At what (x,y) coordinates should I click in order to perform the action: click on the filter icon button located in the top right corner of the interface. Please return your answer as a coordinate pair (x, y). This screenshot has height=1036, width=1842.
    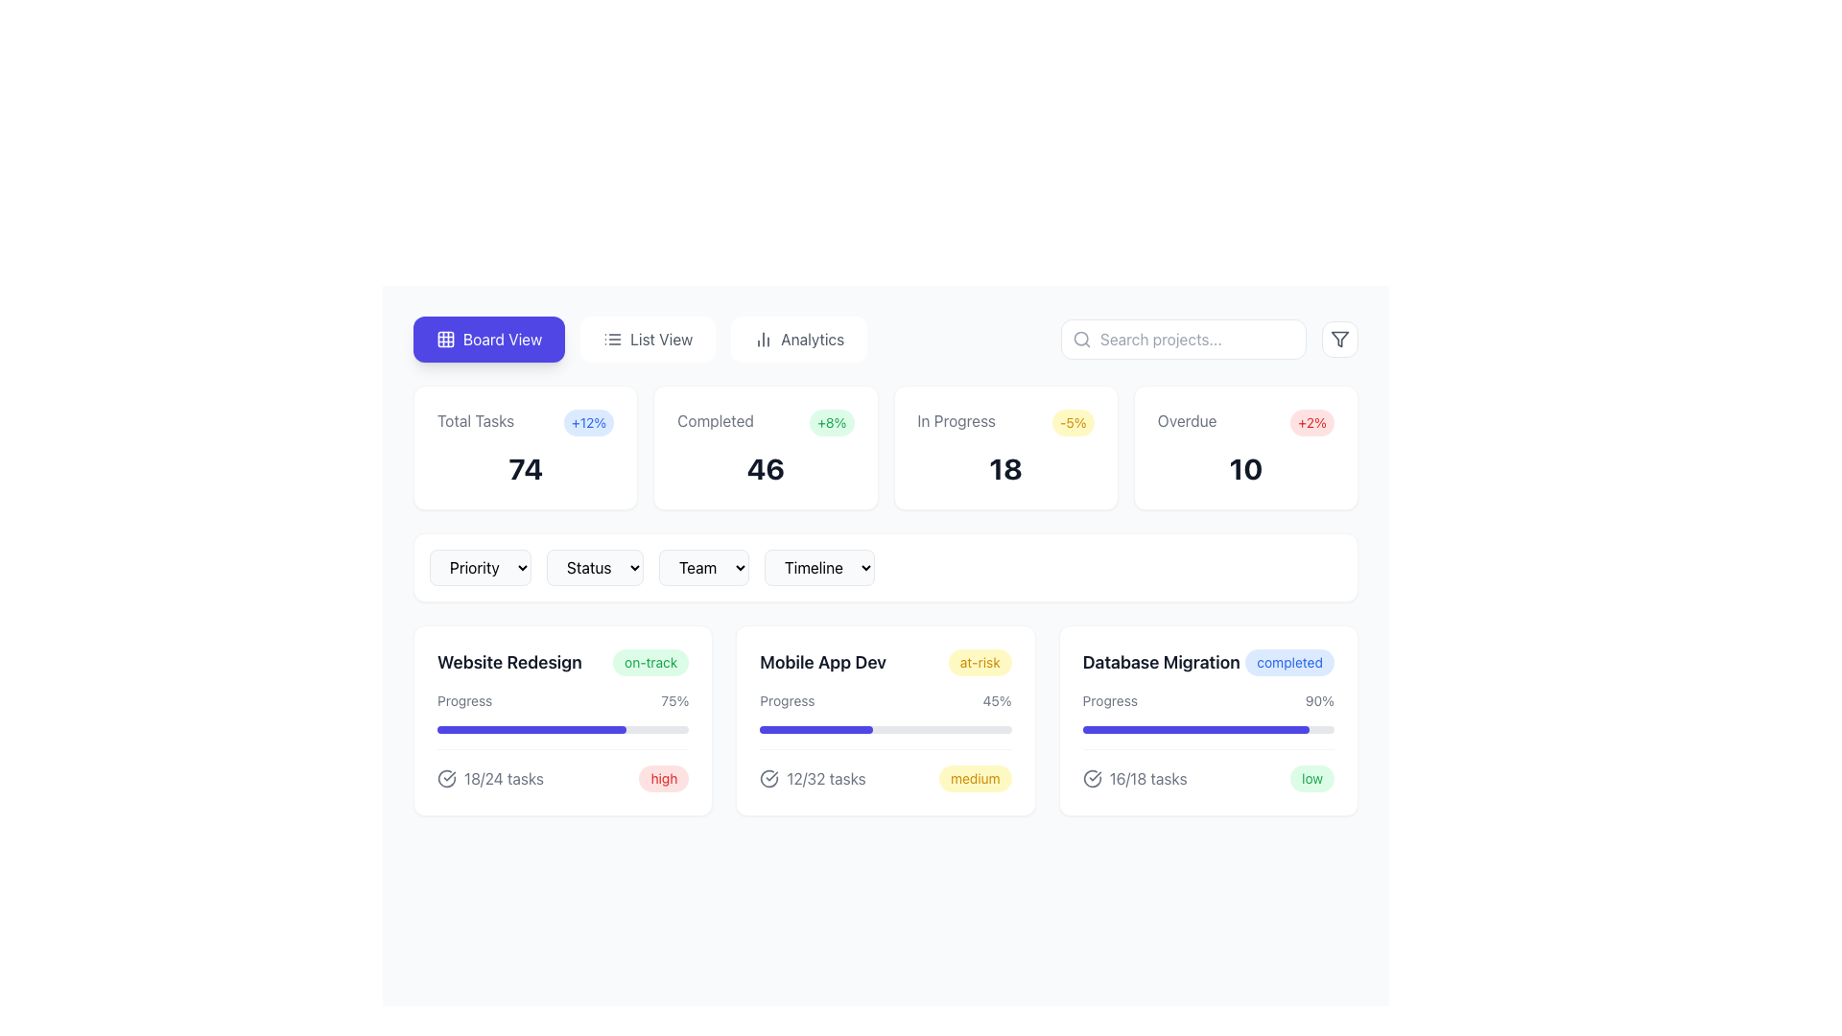
    Looking at the image, I should click on (1338, 339).